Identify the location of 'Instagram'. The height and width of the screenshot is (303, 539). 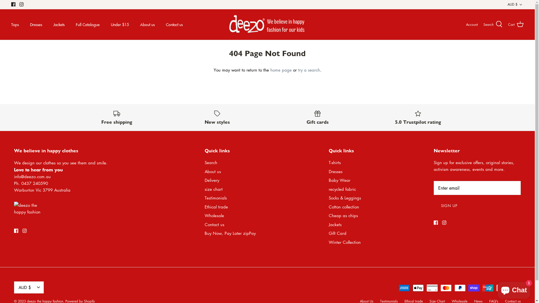
(21, 4).